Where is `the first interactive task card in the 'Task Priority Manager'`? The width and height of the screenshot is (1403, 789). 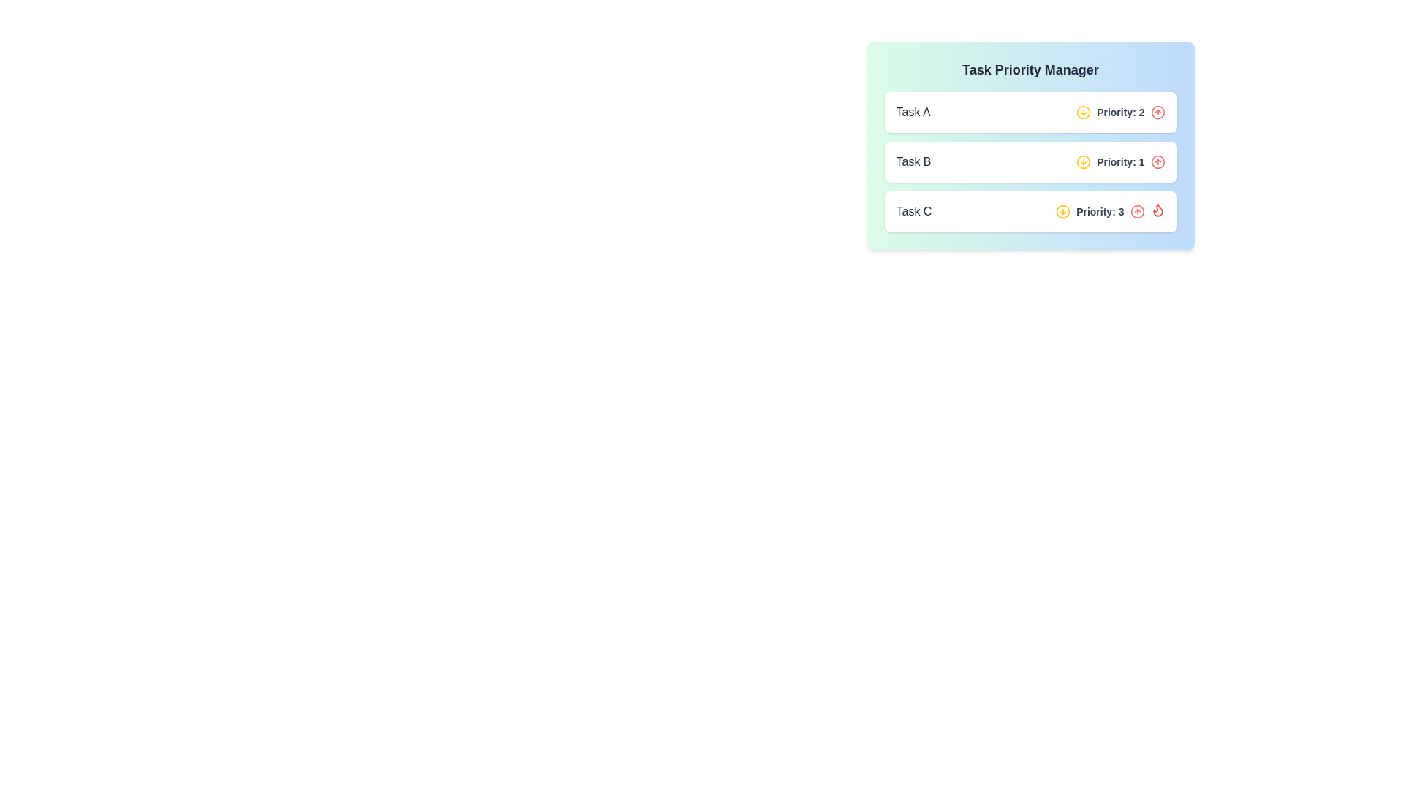 the first interactive task card in the 'Task Priority Manager' is located at coordinates (1030, 112).